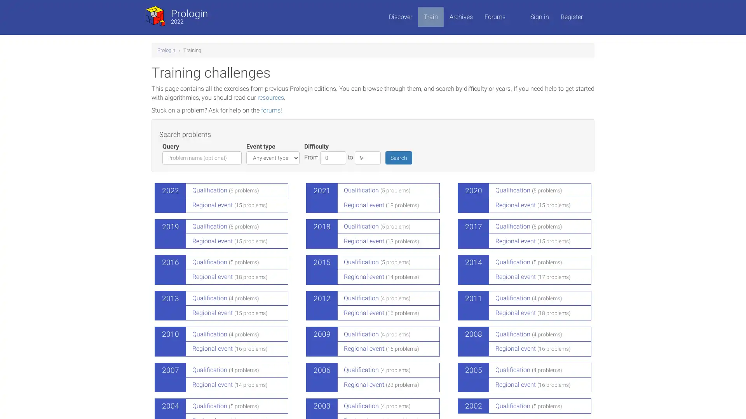 This screenshot has height=419, width=746. What do you see at coordinates (399, 157) in the screenshot?
I see `Search` at bounding box center [399, 157].